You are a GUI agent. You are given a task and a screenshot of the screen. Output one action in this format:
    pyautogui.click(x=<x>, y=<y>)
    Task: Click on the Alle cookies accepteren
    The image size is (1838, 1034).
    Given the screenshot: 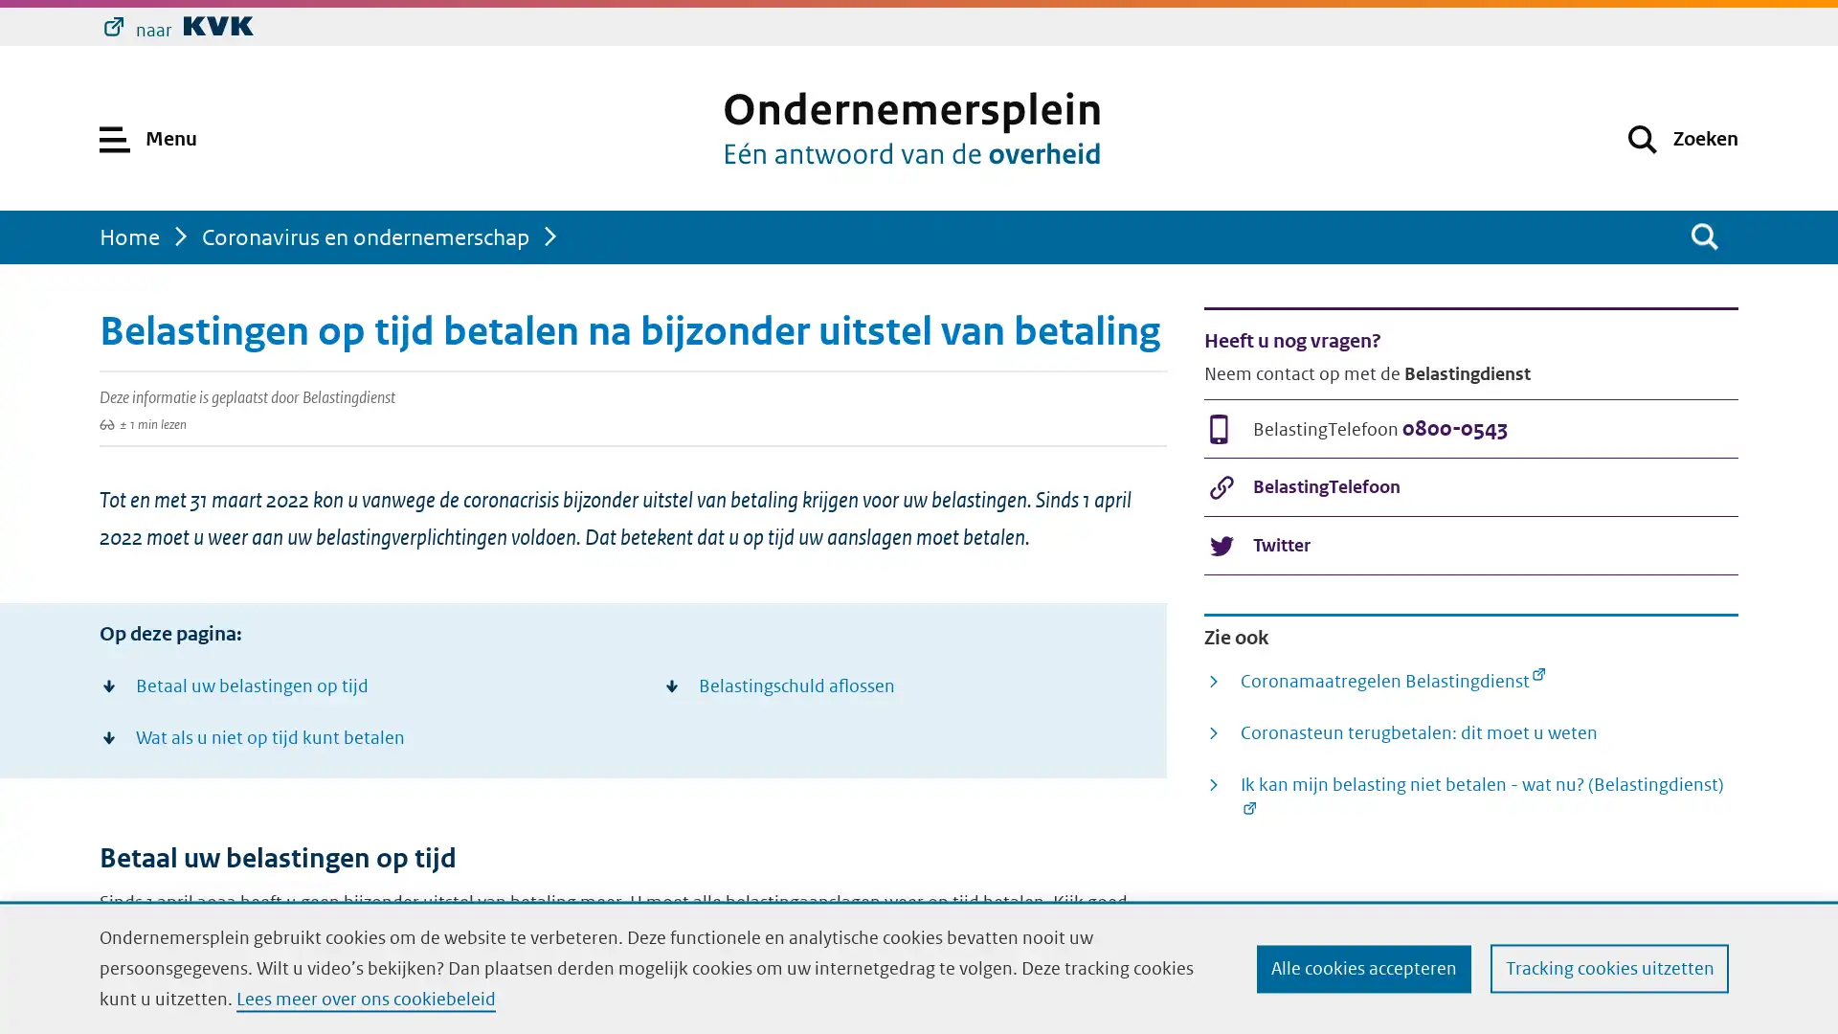 What is the action you would take?
    pyautogui.click(x=1363, y=968)
    